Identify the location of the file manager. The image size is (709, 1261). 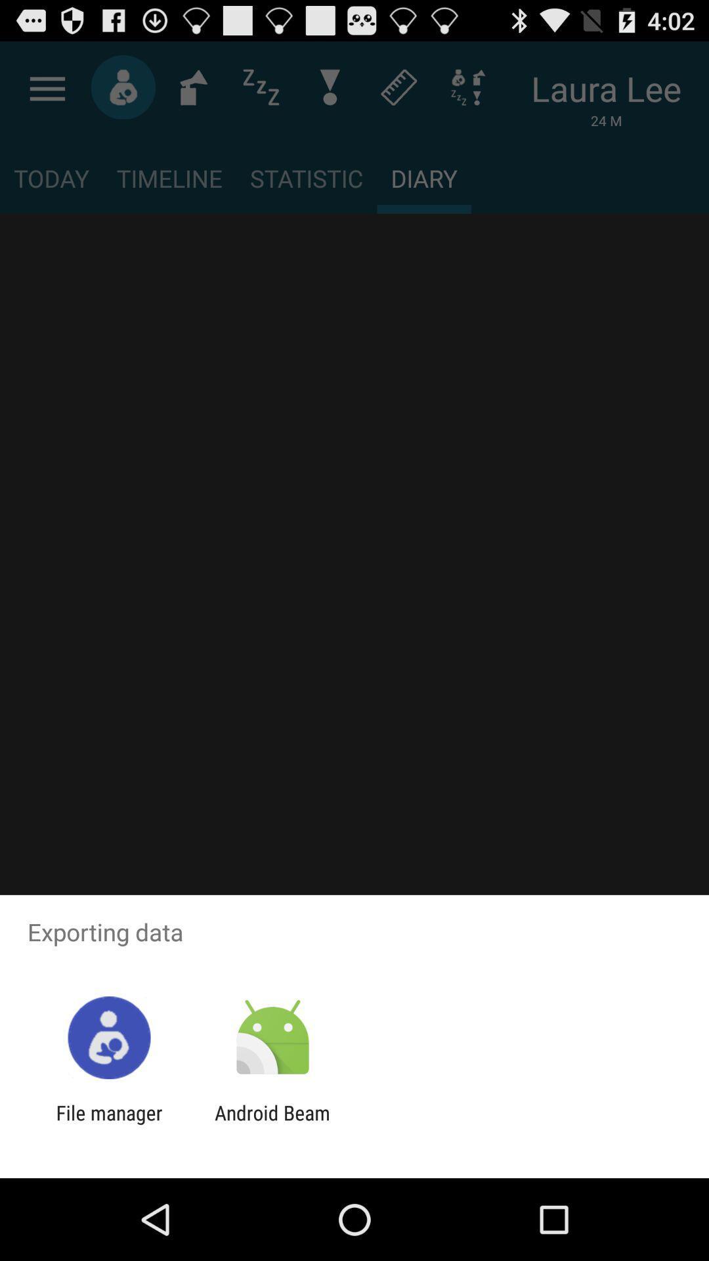
(108, 1124).